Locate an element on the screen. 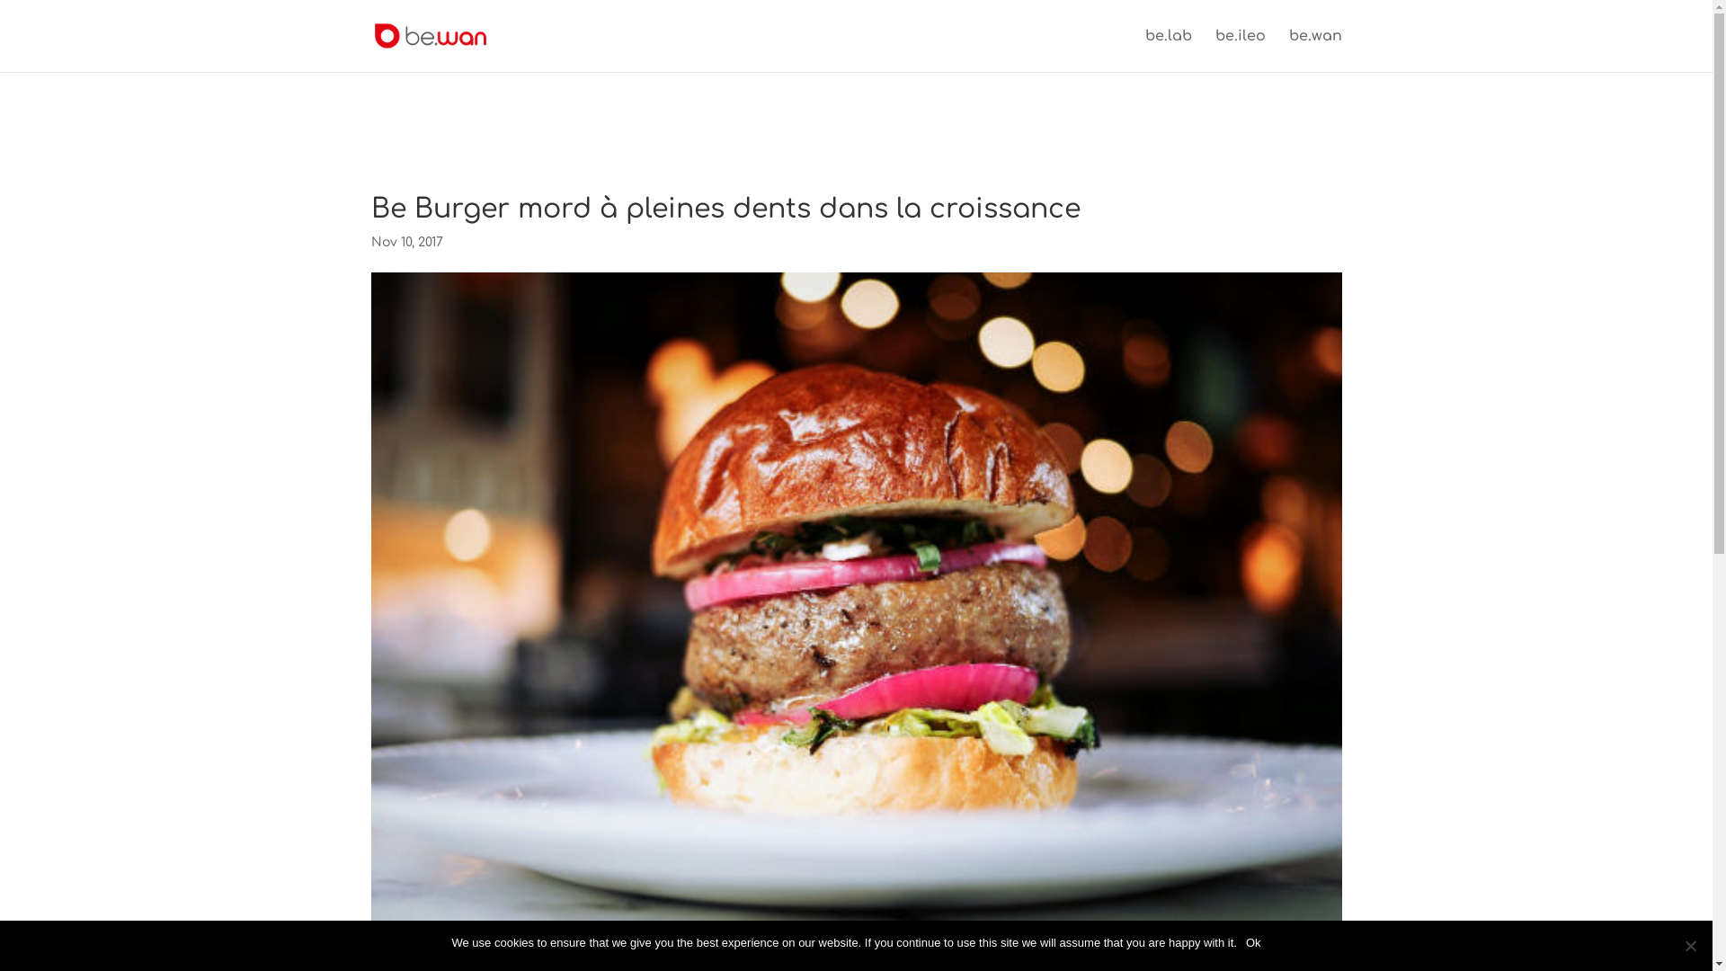 The height and width of the screenshot is (971, 1726). 'be.lab' is located at coordinates (1169, 49).